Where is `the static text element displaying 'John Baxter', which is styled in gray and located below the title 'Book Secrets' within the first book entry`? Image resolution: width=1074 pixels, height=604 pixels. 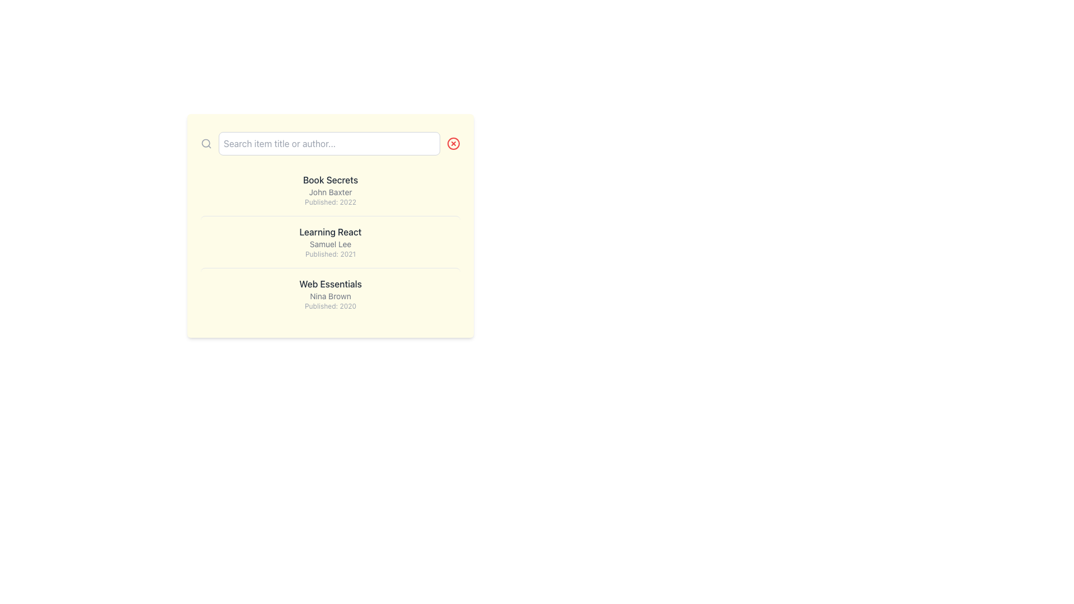 the static text element displaying 'John Baxter', which is styled in gray and located below the title 'Book Secrets' within the first book entry is located at coordinates (329, 191).